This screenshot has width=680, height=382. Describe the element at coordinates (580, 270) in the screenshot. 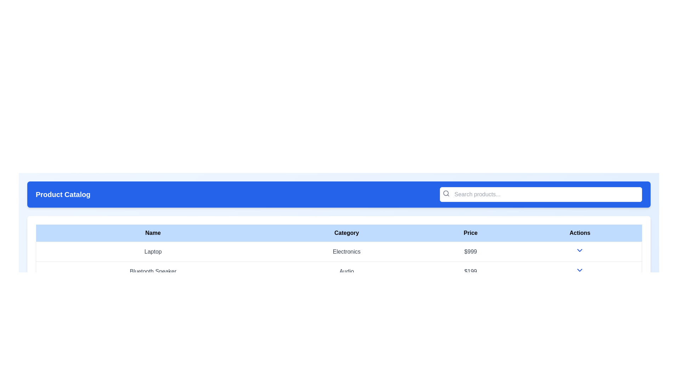

I see `the interactive dropdown menu toggle located in the last column of the second row under the 'Actions' header` at that location.